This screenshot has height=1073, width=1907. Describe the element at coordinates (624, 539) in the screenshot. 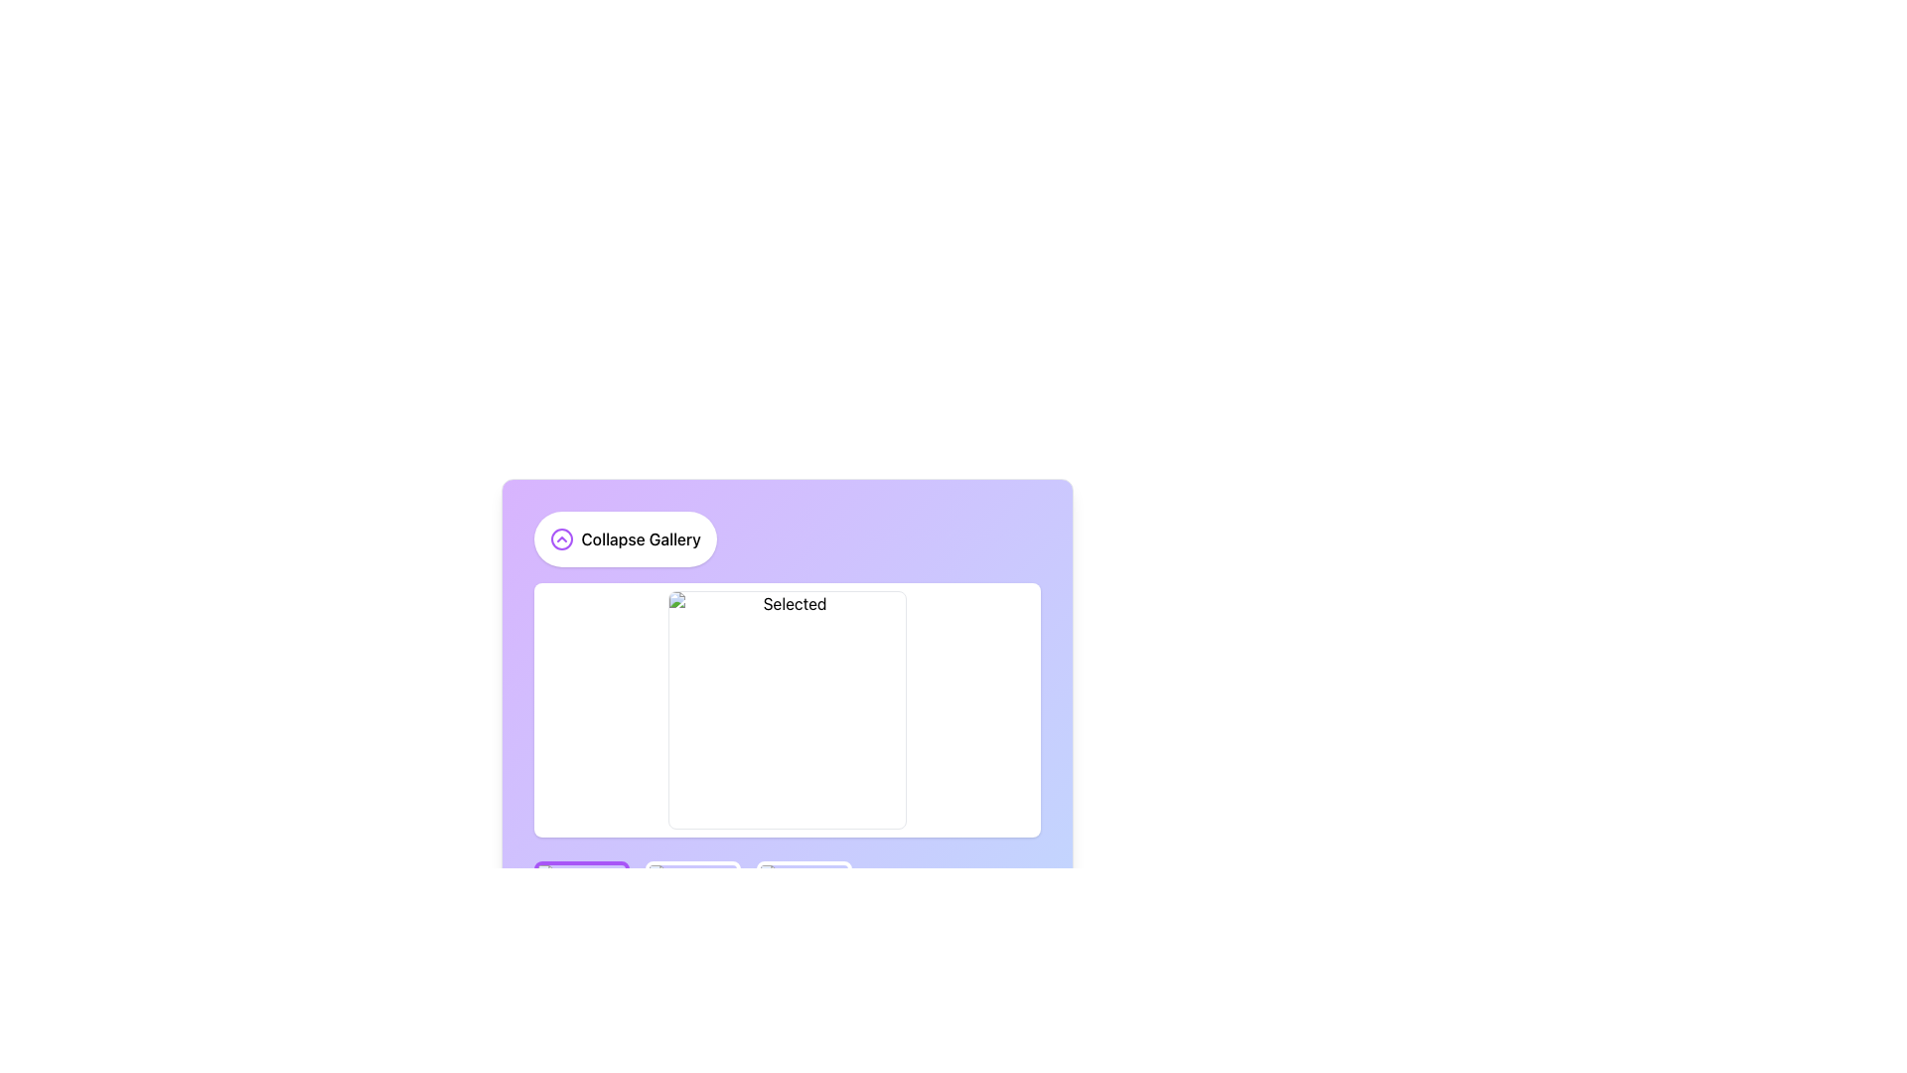

I see `the 'Collapse Gallery' button, which is a rounded rectangular button with a white background and a purple chevron-up icon, located at the center of the interface` at that location.